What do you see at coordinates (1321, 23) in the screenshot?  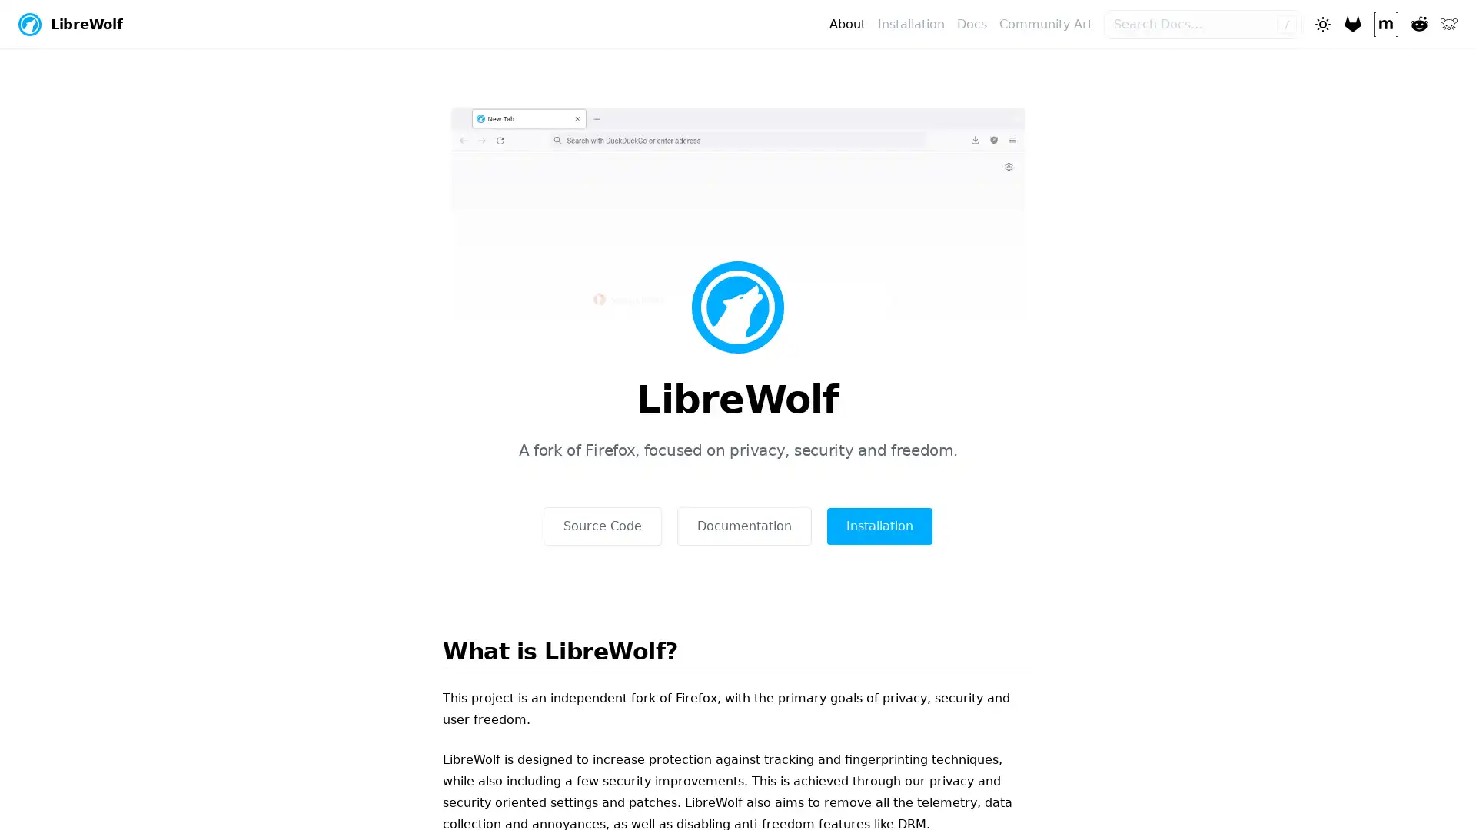 I see `Toggle theme` at bounding box center [1321, 23].